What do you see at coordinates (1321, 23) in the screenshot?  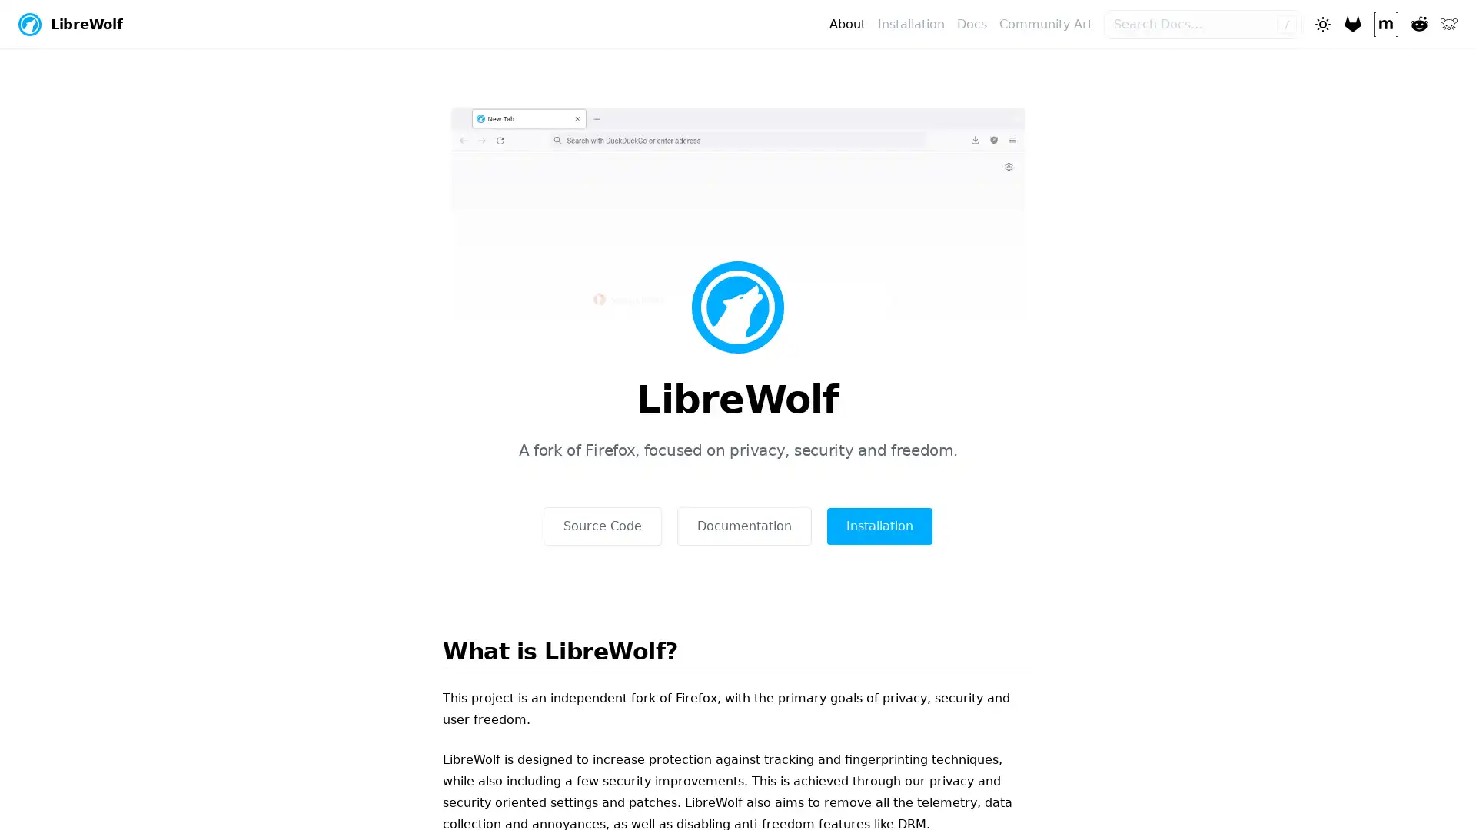 I see `Toggle theme` at bounding box center [1321, 23].